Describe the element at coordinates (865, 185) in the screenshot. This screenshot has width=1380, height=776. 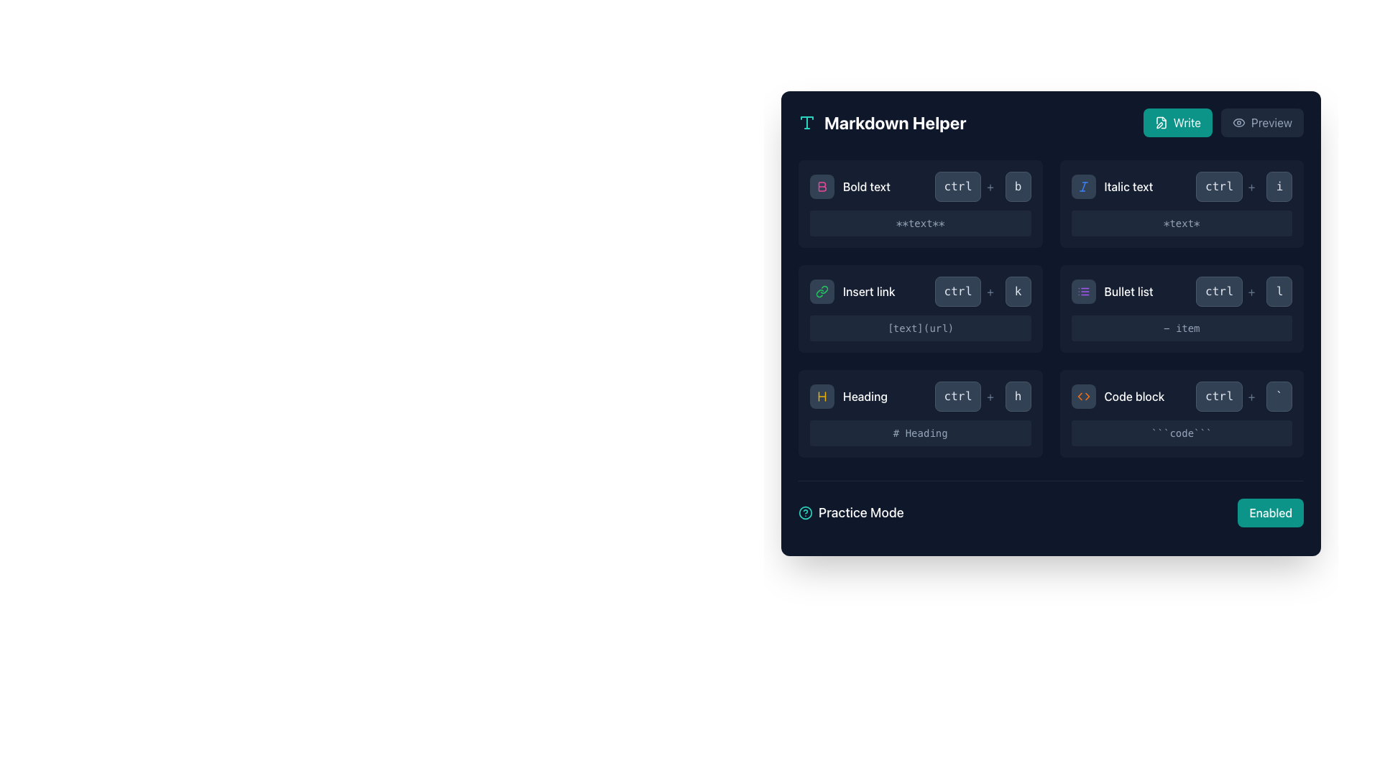
I see `the static text label displaying 'Bold text' located in the top-left section of the 'Markdown Helper' panel, adjacent to the bold text button` at that location.